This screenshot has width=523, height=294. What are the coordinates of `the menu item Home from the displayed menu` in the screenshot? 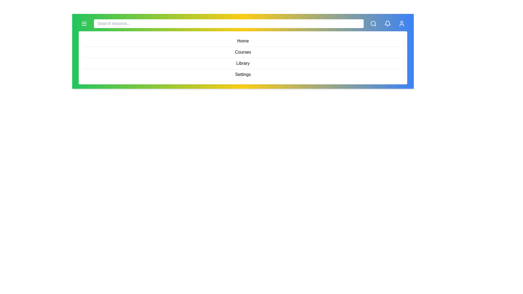 It's located at (243, 41).